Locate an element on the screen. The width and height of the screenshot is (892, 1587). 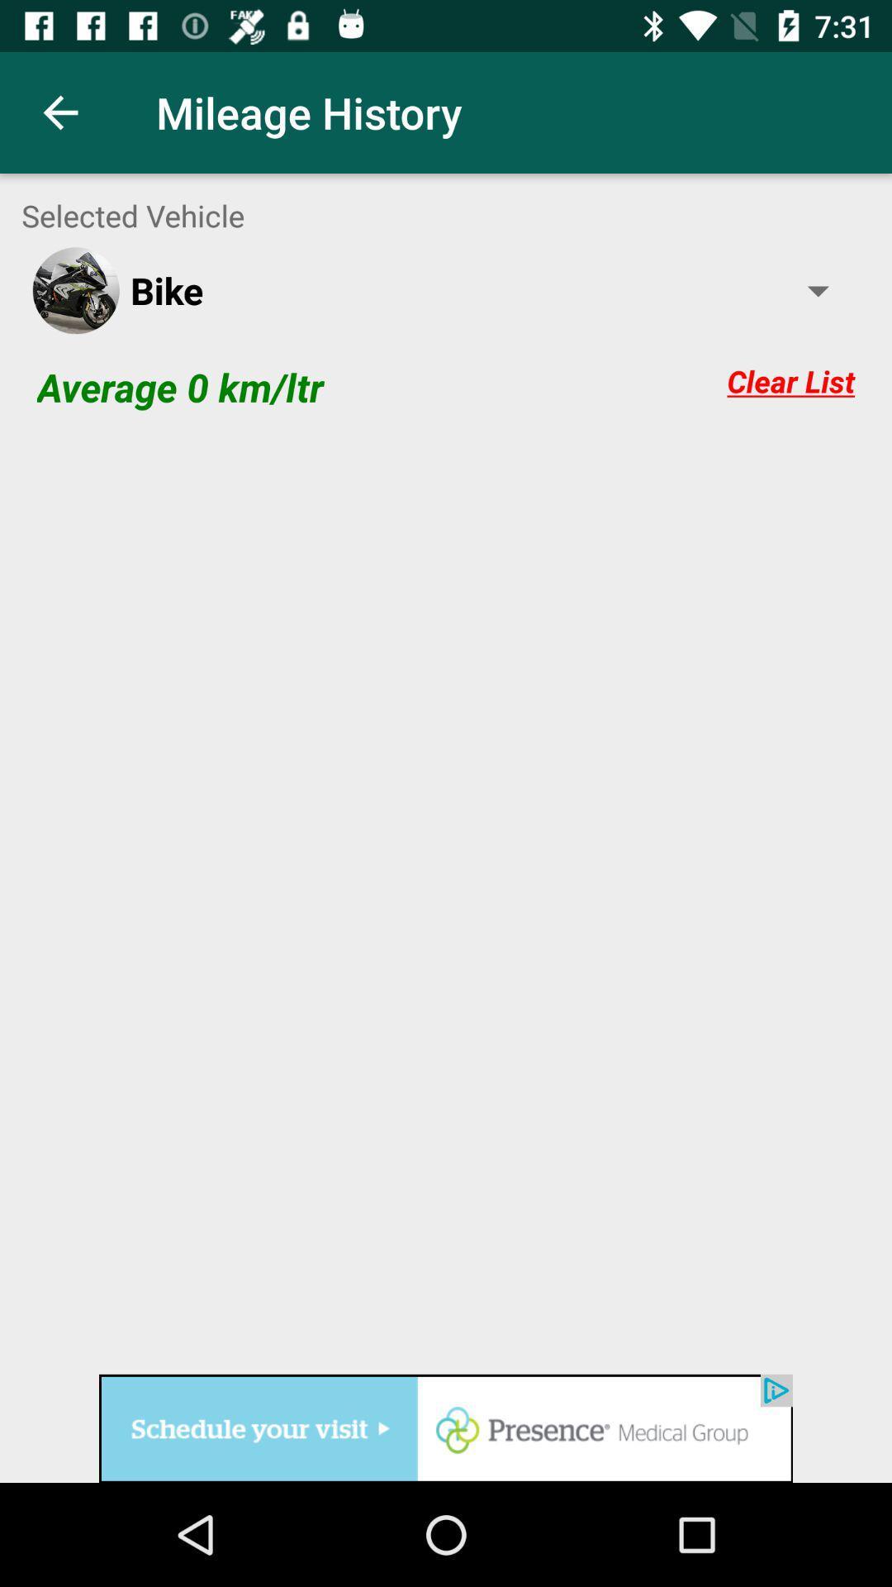
blank space is located at coordinates (446, 900).